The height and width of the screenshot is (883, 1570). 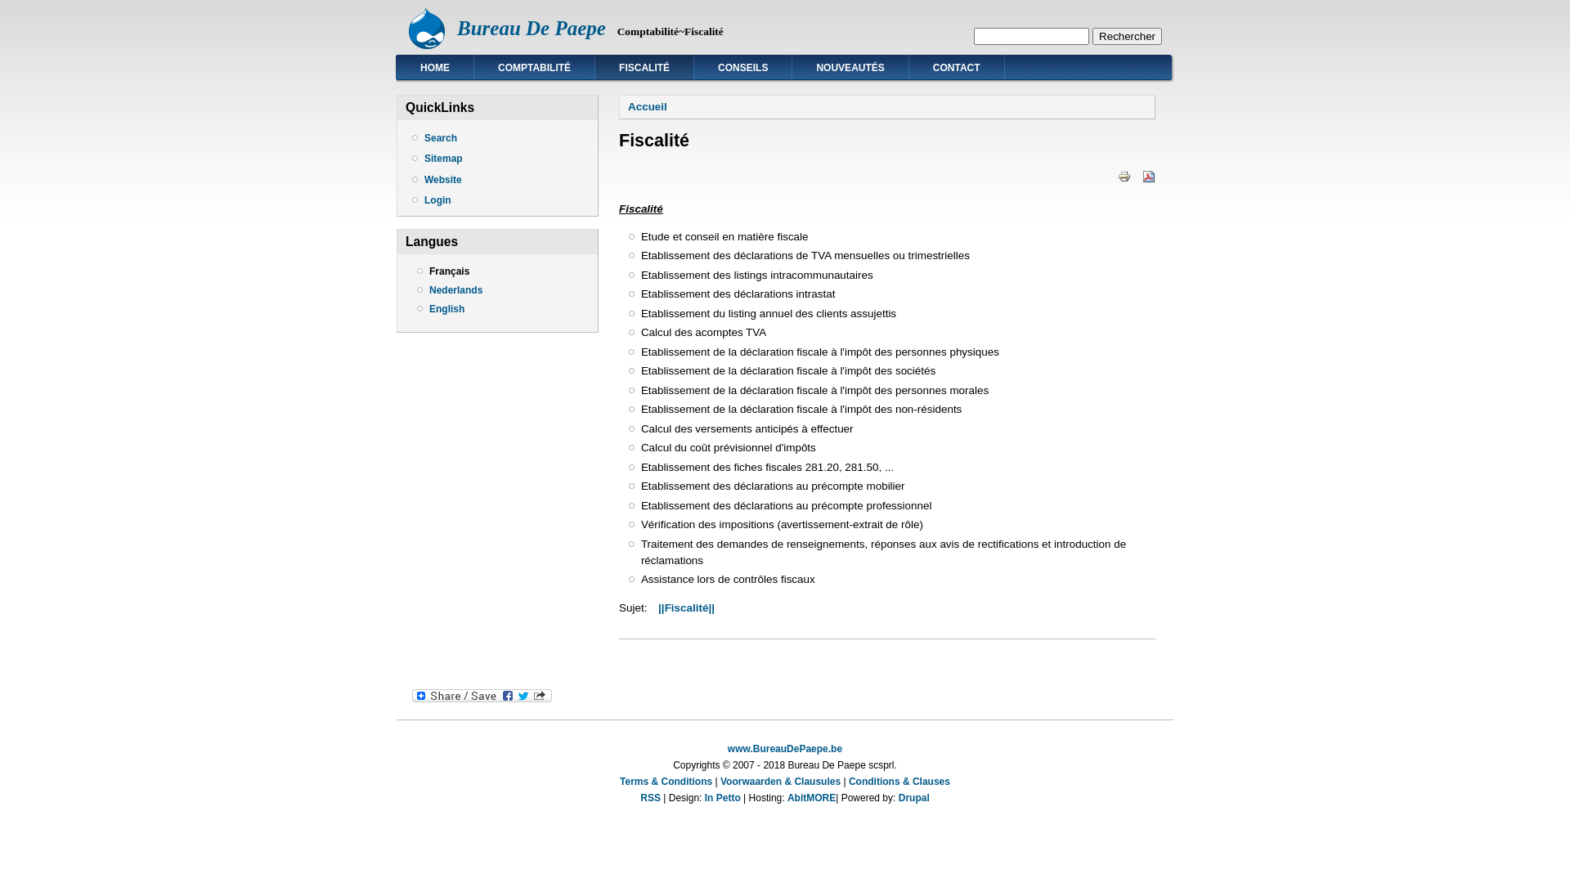 I want to click on 'CONTACT', so click(x=908, y=65).